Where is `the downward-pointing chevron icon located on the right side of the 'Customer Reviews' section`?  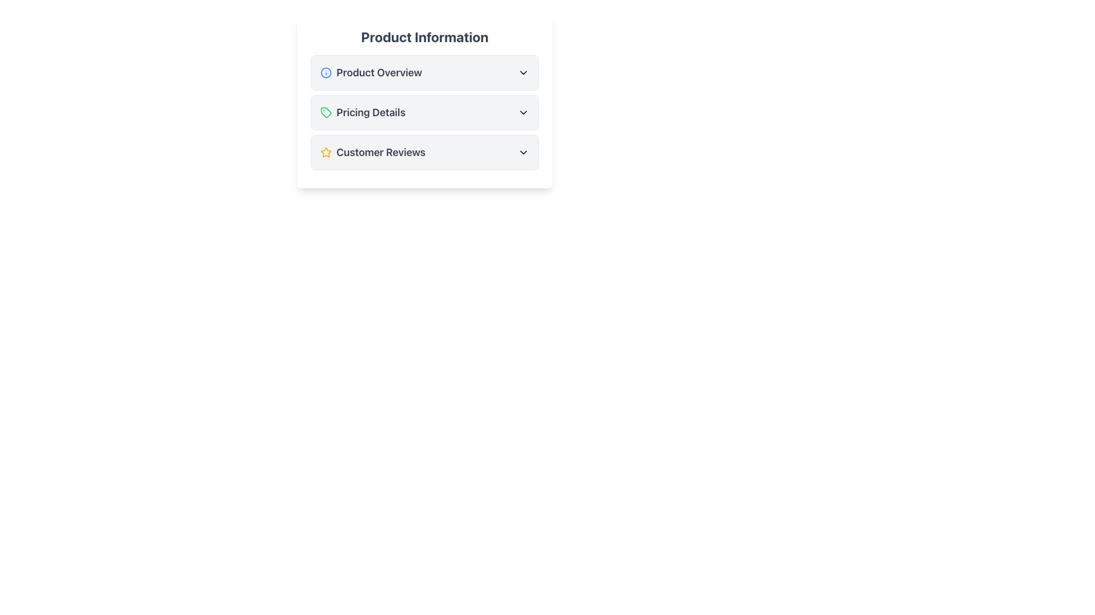
the downward-pointing chevron icon located on the right side of the 'Customer Reviews' section is located at coordinates (522, 151).